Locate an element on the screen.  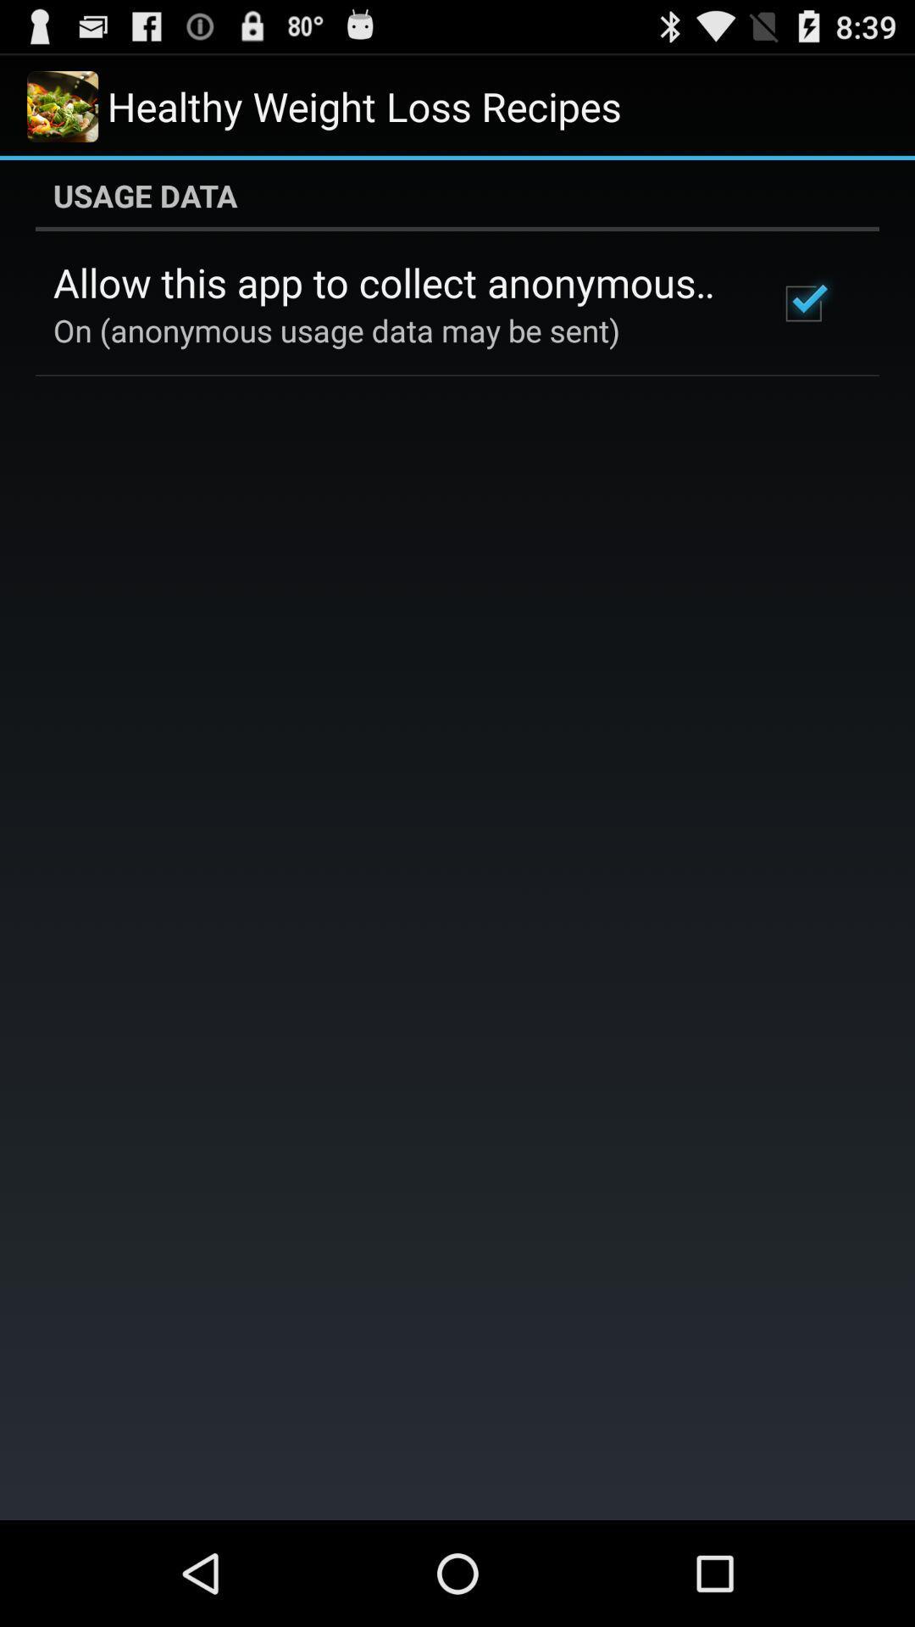
item below the usage data is located at coordinates (802, 303).